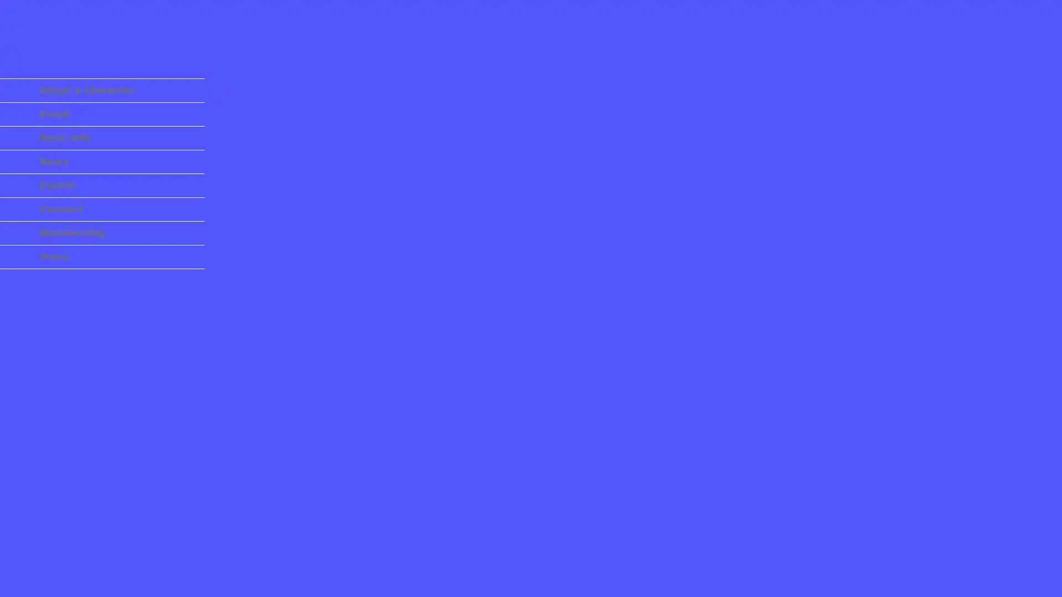  Describe the element at coordinates (935, 474) in the screenshot. I see `U+5360` at that location.